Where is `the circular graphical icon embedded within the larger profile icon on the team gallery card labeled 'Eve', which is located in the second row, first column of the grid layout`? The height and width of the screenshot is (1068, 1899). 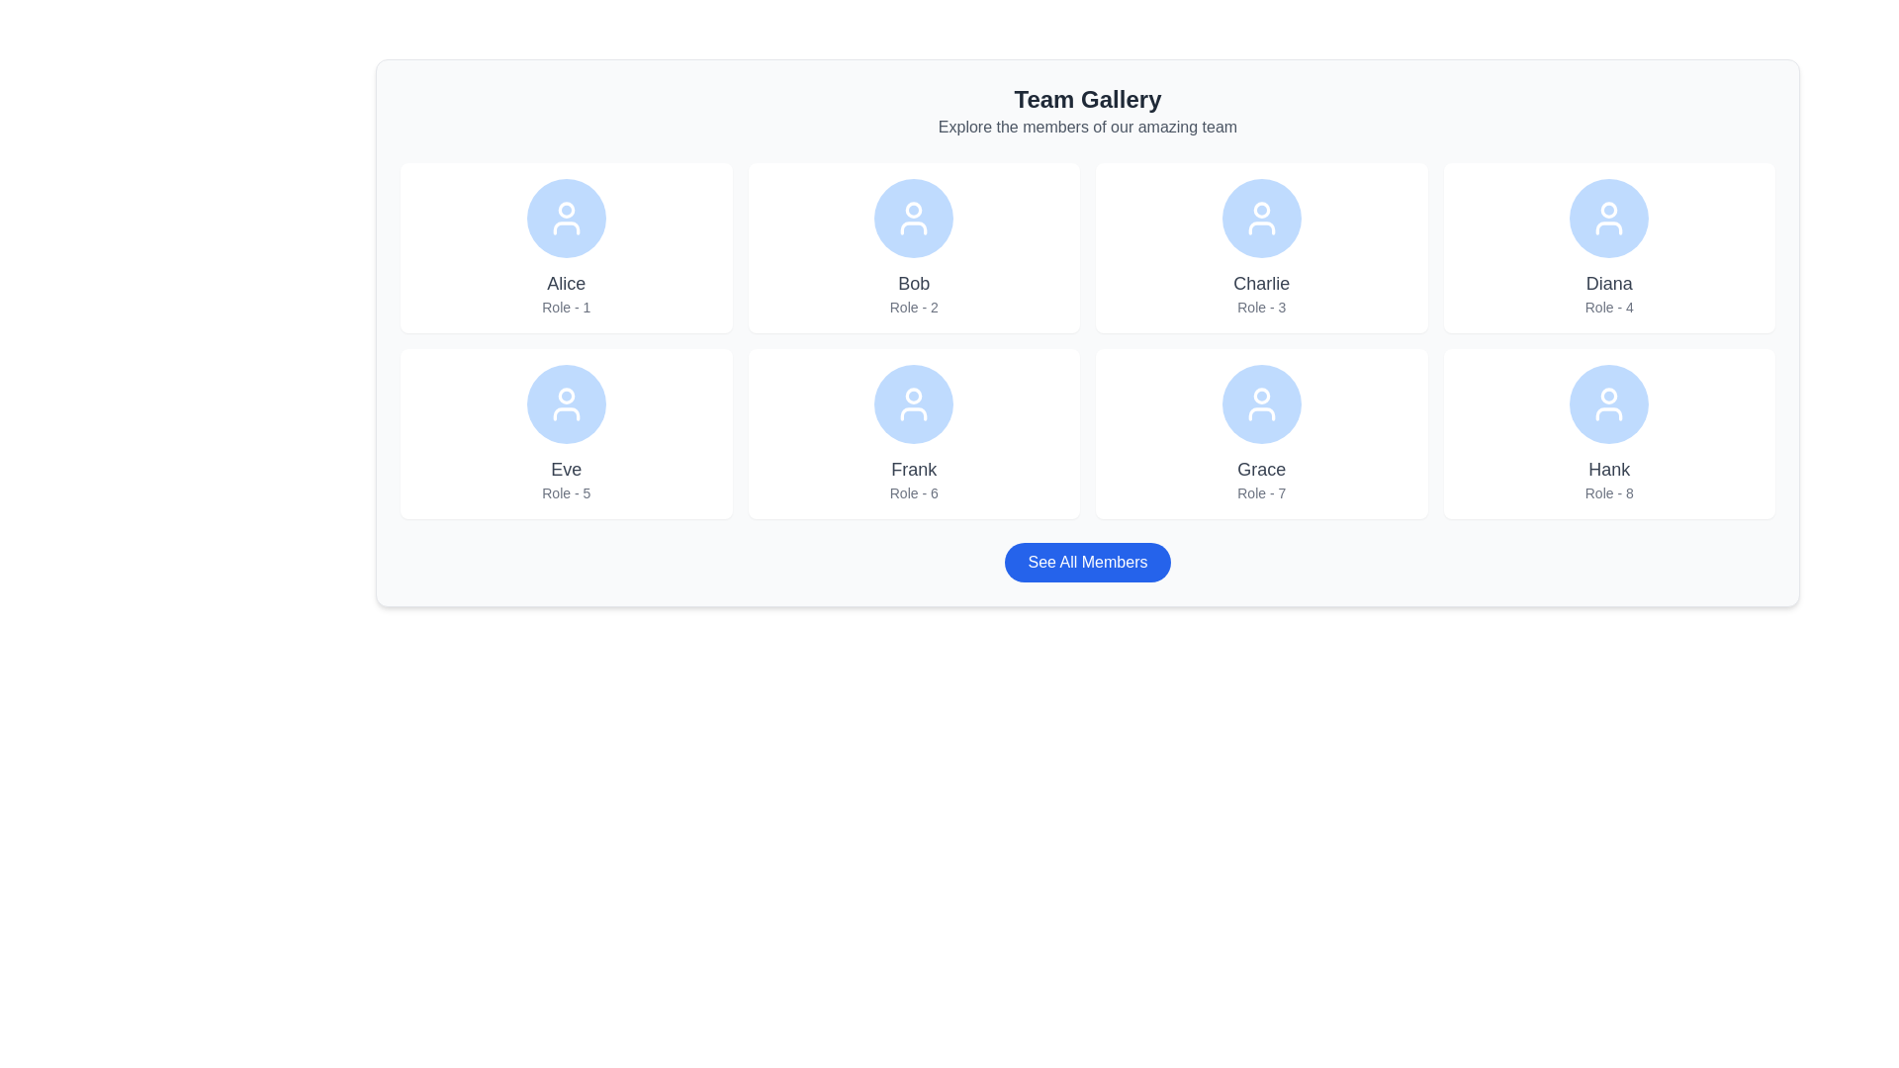 the circular graphical icon embedded within the larger profile icon on the team gallery card labeled 'Eve', which is located in the second row, first column of the grid layout is located at coordinates (565, 396).